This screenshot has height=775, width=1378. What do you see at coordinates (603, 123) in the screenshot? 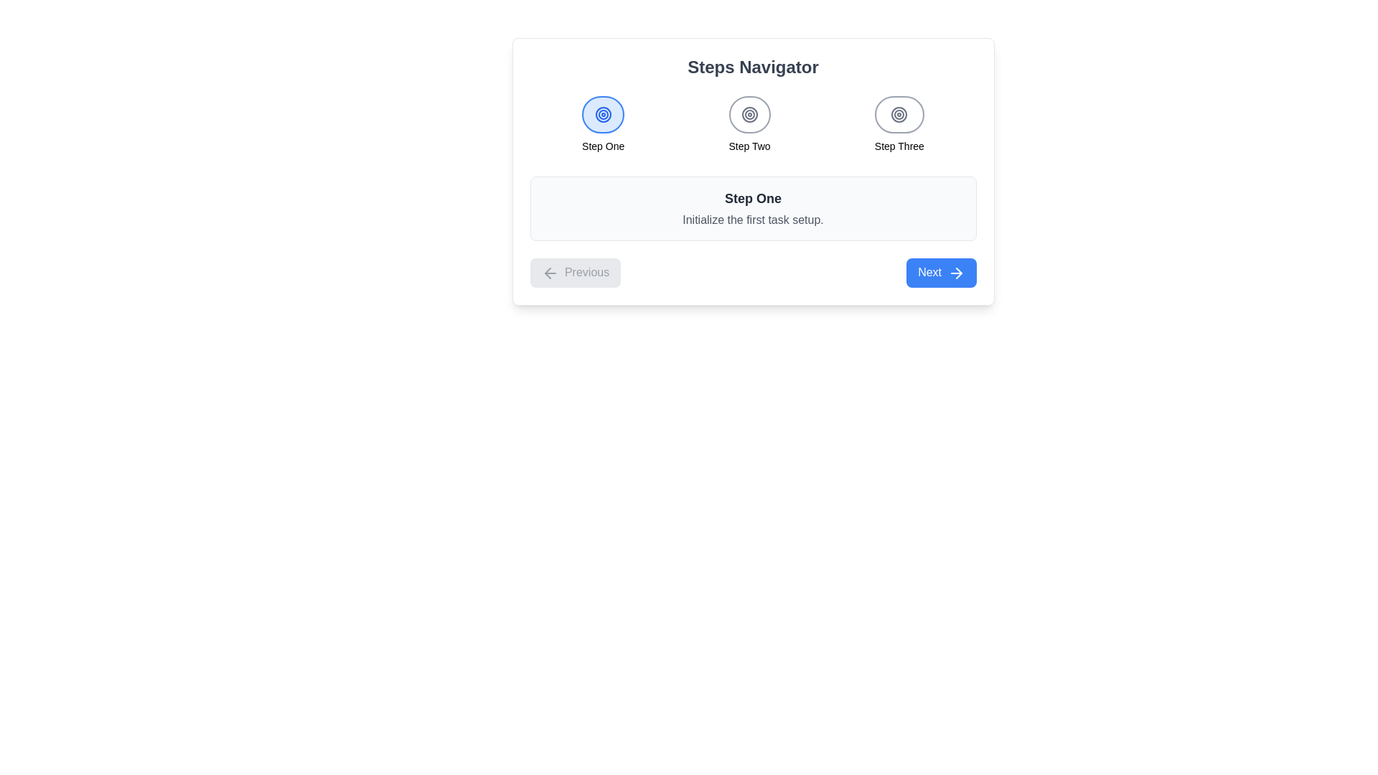
I see `the 'Step One' icon in the navigation step bar that is highlighted in blue, indicating the current step in the multi-step process` at bounding box center [603, 123].